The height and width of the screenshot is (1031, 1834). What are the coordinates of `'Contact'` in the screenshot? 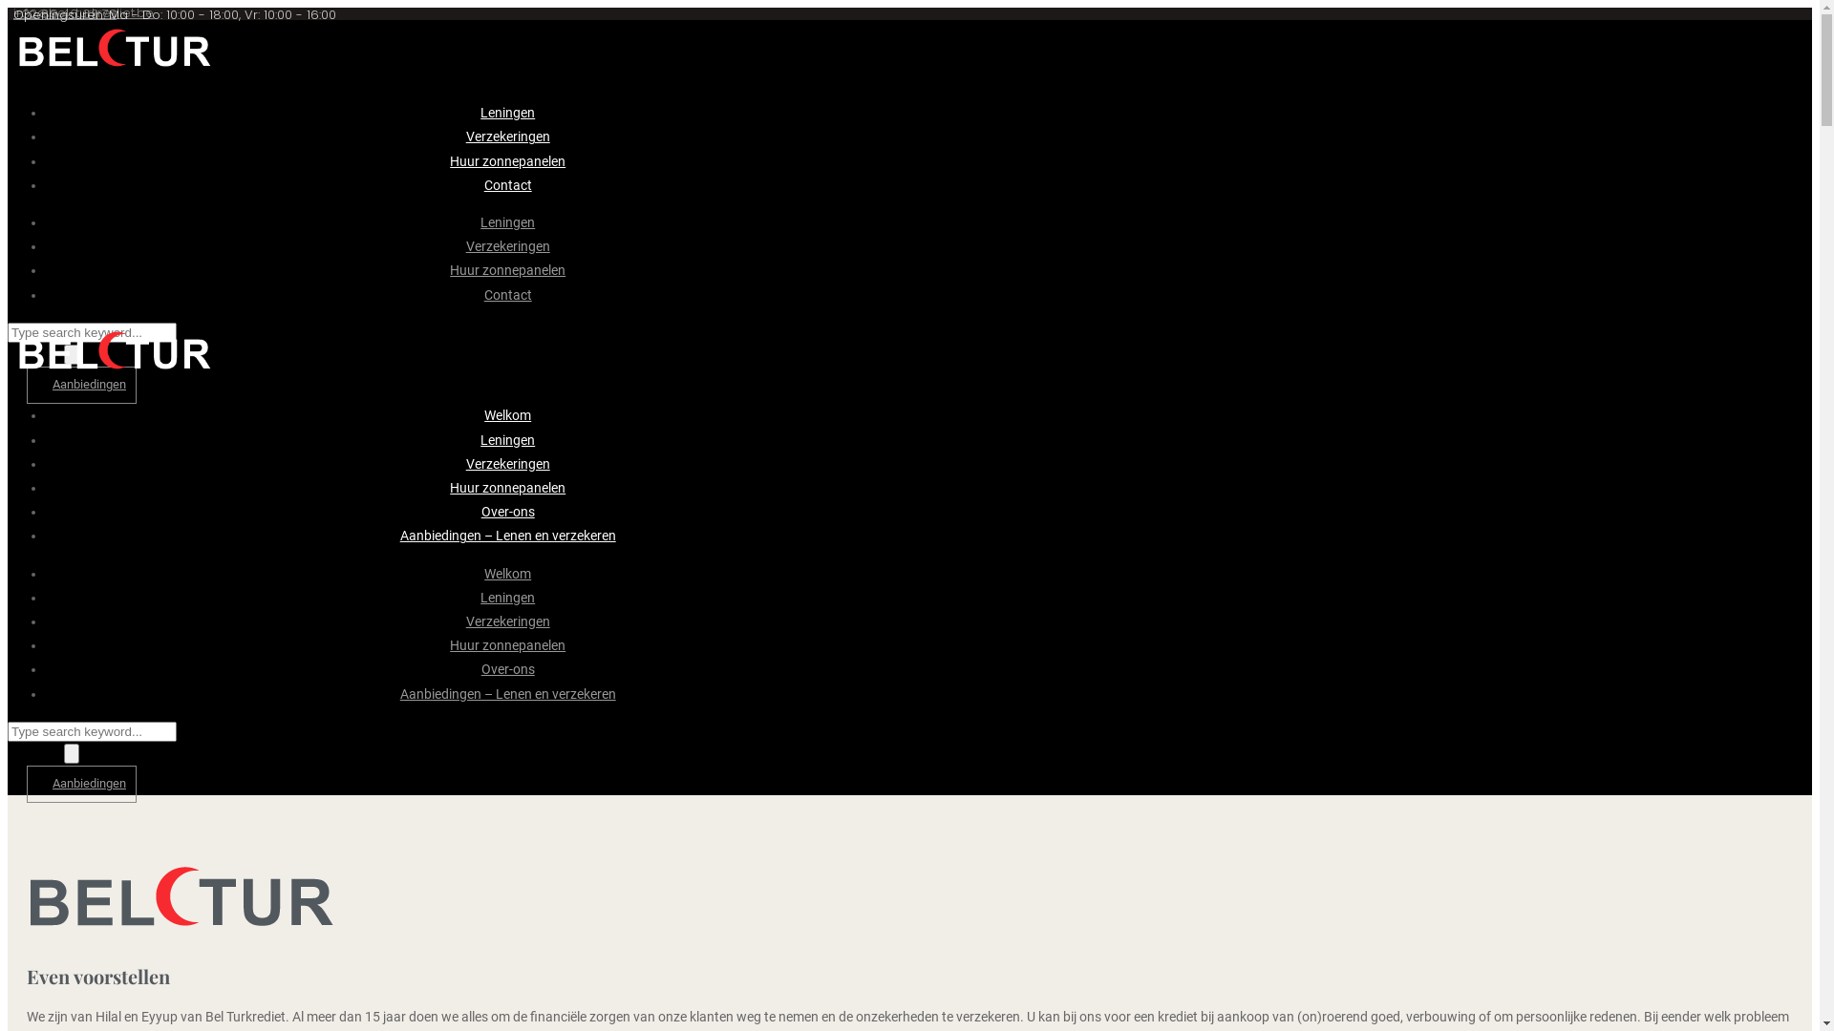 It's located at (508, 294).